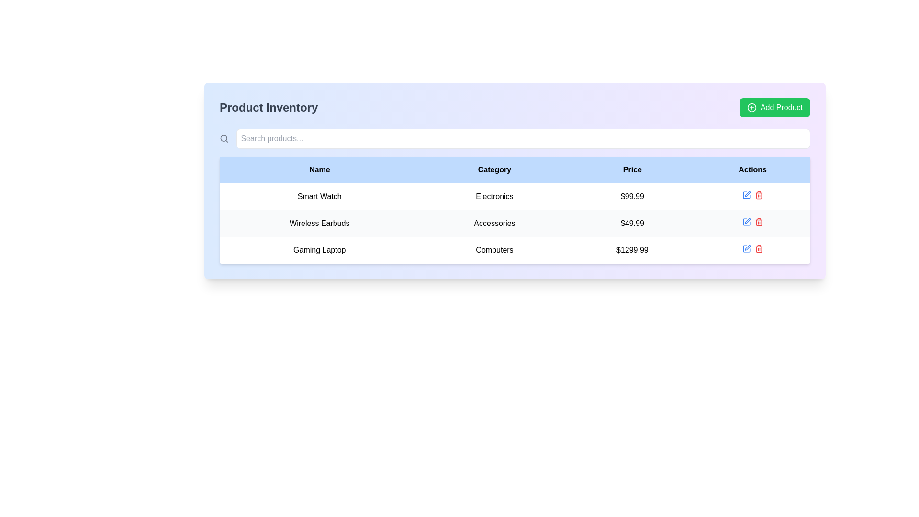  What do you see at coordinates (632, 223) in the screenshot?
I see `the static text label displaying the price '$49.99' for the 'Wireless Earbuds' in the second row of the pricing column` at bounding box center [632, 223].